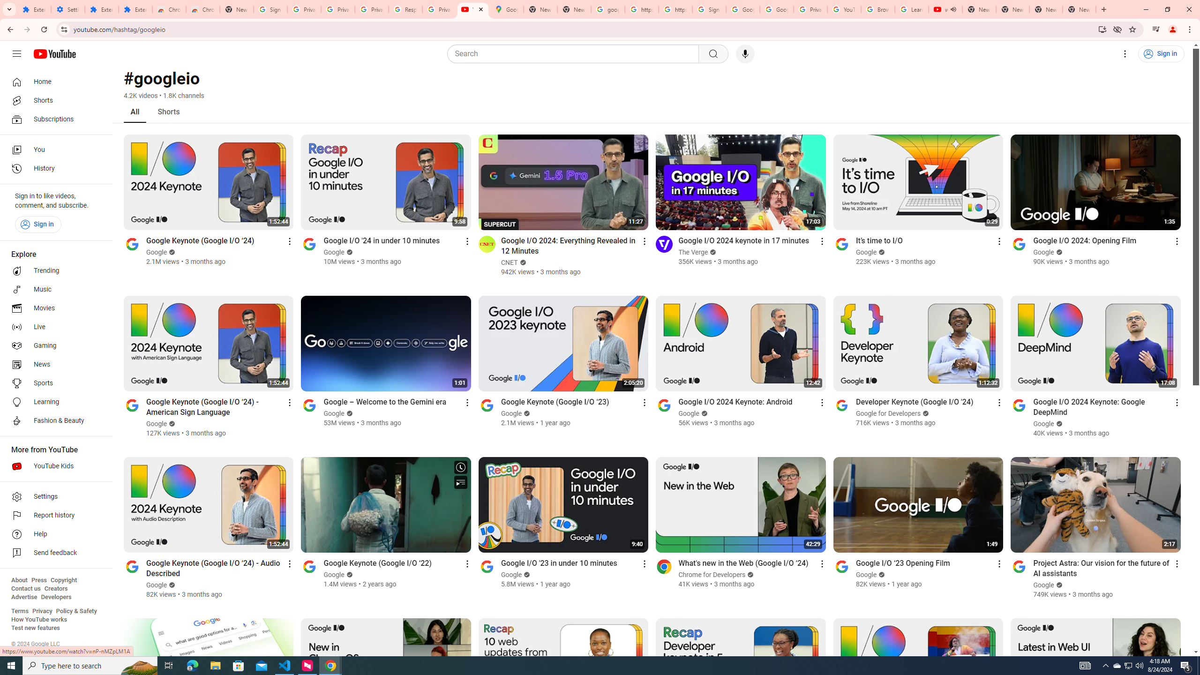  Describe the element at coordinates (53, 515) in the screenshot. I see `'Report history'` at that location.